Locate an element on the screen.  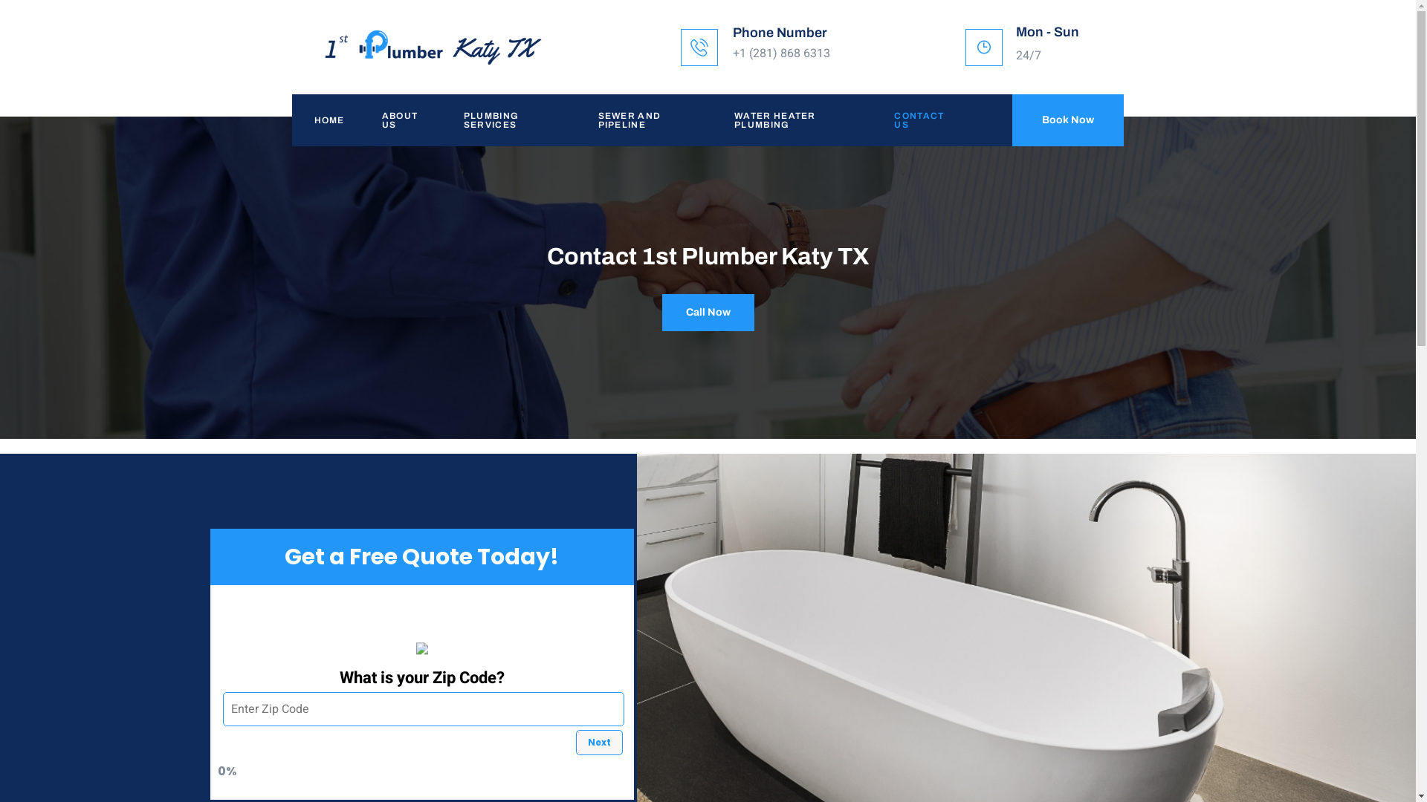
'Call Now' is located at coordinates (660, 311).